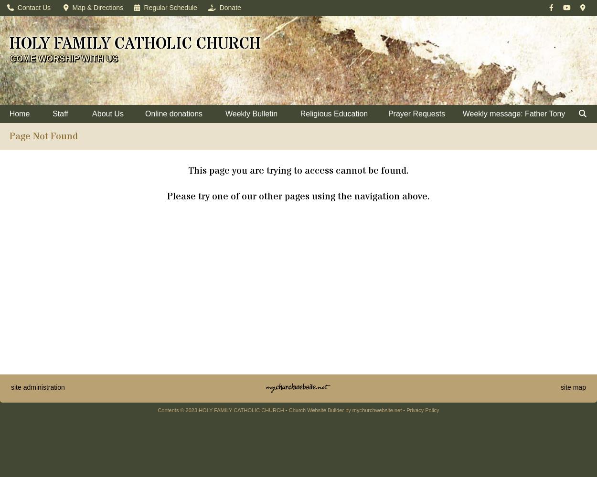 The image size is (597, 477). What do you see at coordinates (64, 58) in the screenshot?
I see `'COME WORSHIP WITH US'` at bounding box center [64, 58].